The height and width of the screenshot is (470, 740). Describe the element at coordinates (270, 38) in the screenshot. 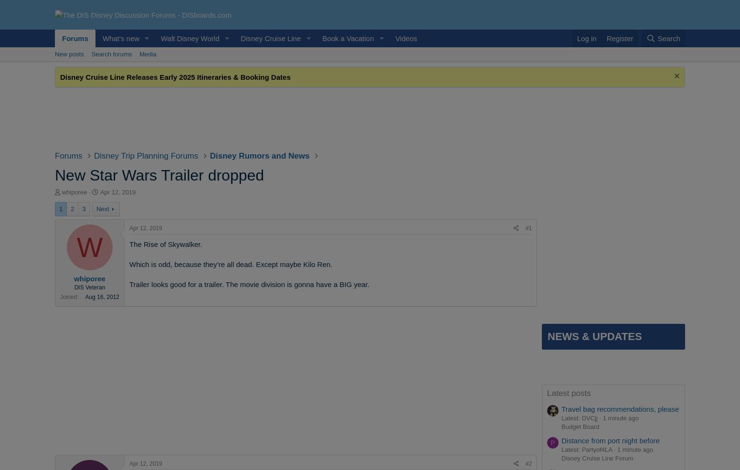

I see `'Disney Cruise Line'` at that location.